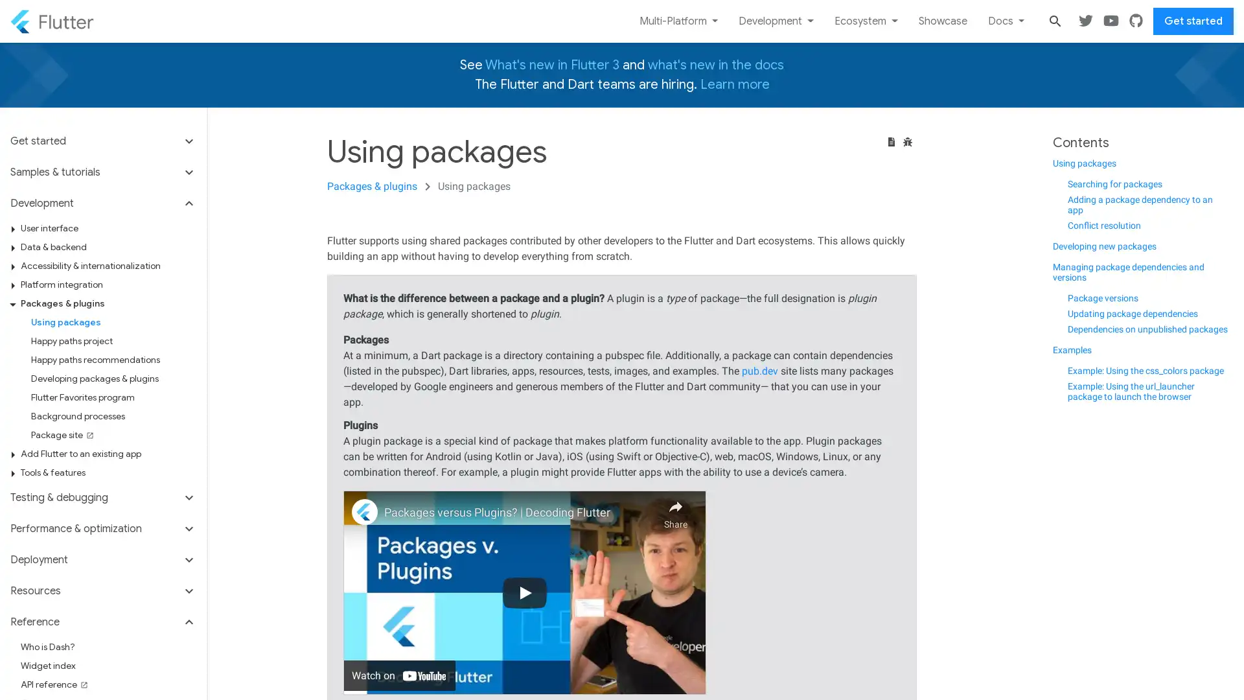 The image size is (1244, 700). I want to click on arrow_drop_down Add Flutter to an existing app, so click(108, 453).